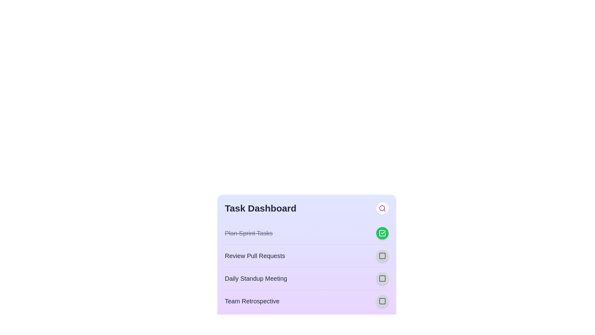  What do you see at coordinates (255, 256) in the screenshot?
I see `the task title 'Review Pull Requests' to focus or select the text` at bounding box center [255, 256].